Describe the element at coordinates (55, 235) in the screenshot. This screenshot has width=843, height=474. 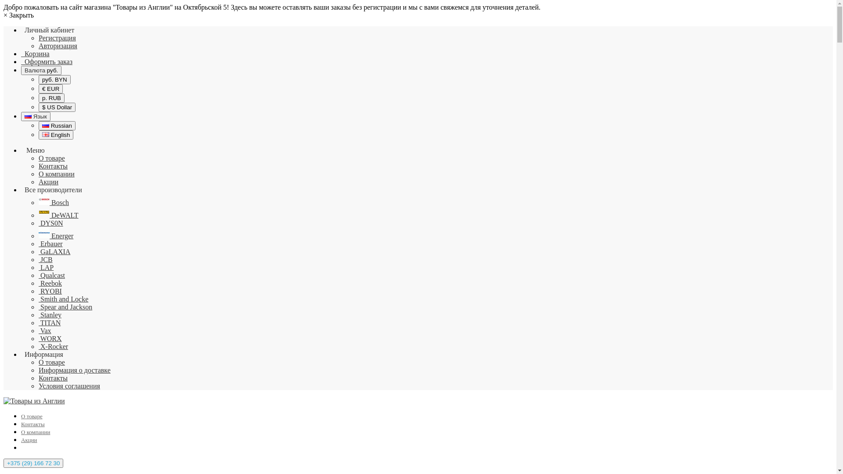
I see `'Energer'` at that location.